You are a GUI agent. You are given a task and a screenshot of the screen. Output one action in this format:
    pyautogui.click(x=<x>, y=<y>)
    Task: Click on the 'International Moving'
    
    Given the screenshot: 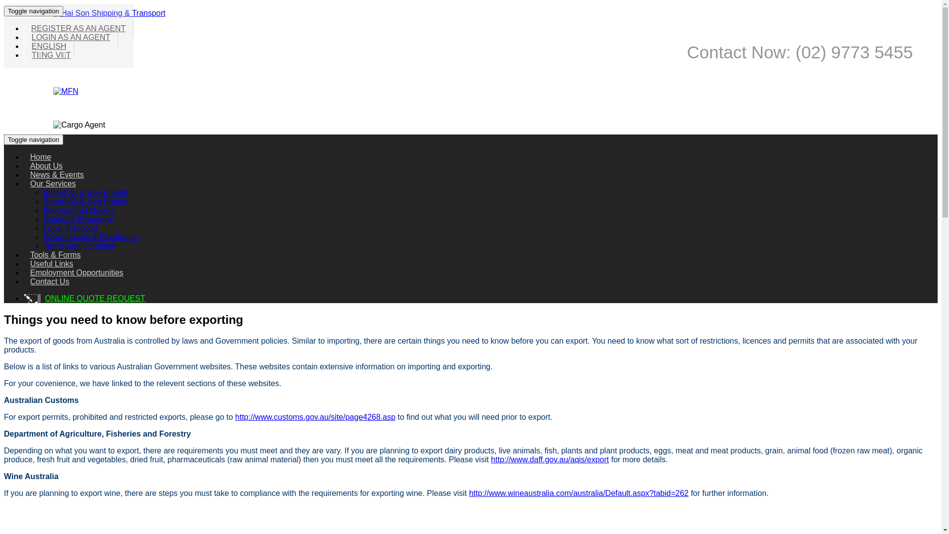 What is the action you would take?
    pyautogui.click(x=78, y=210)
    